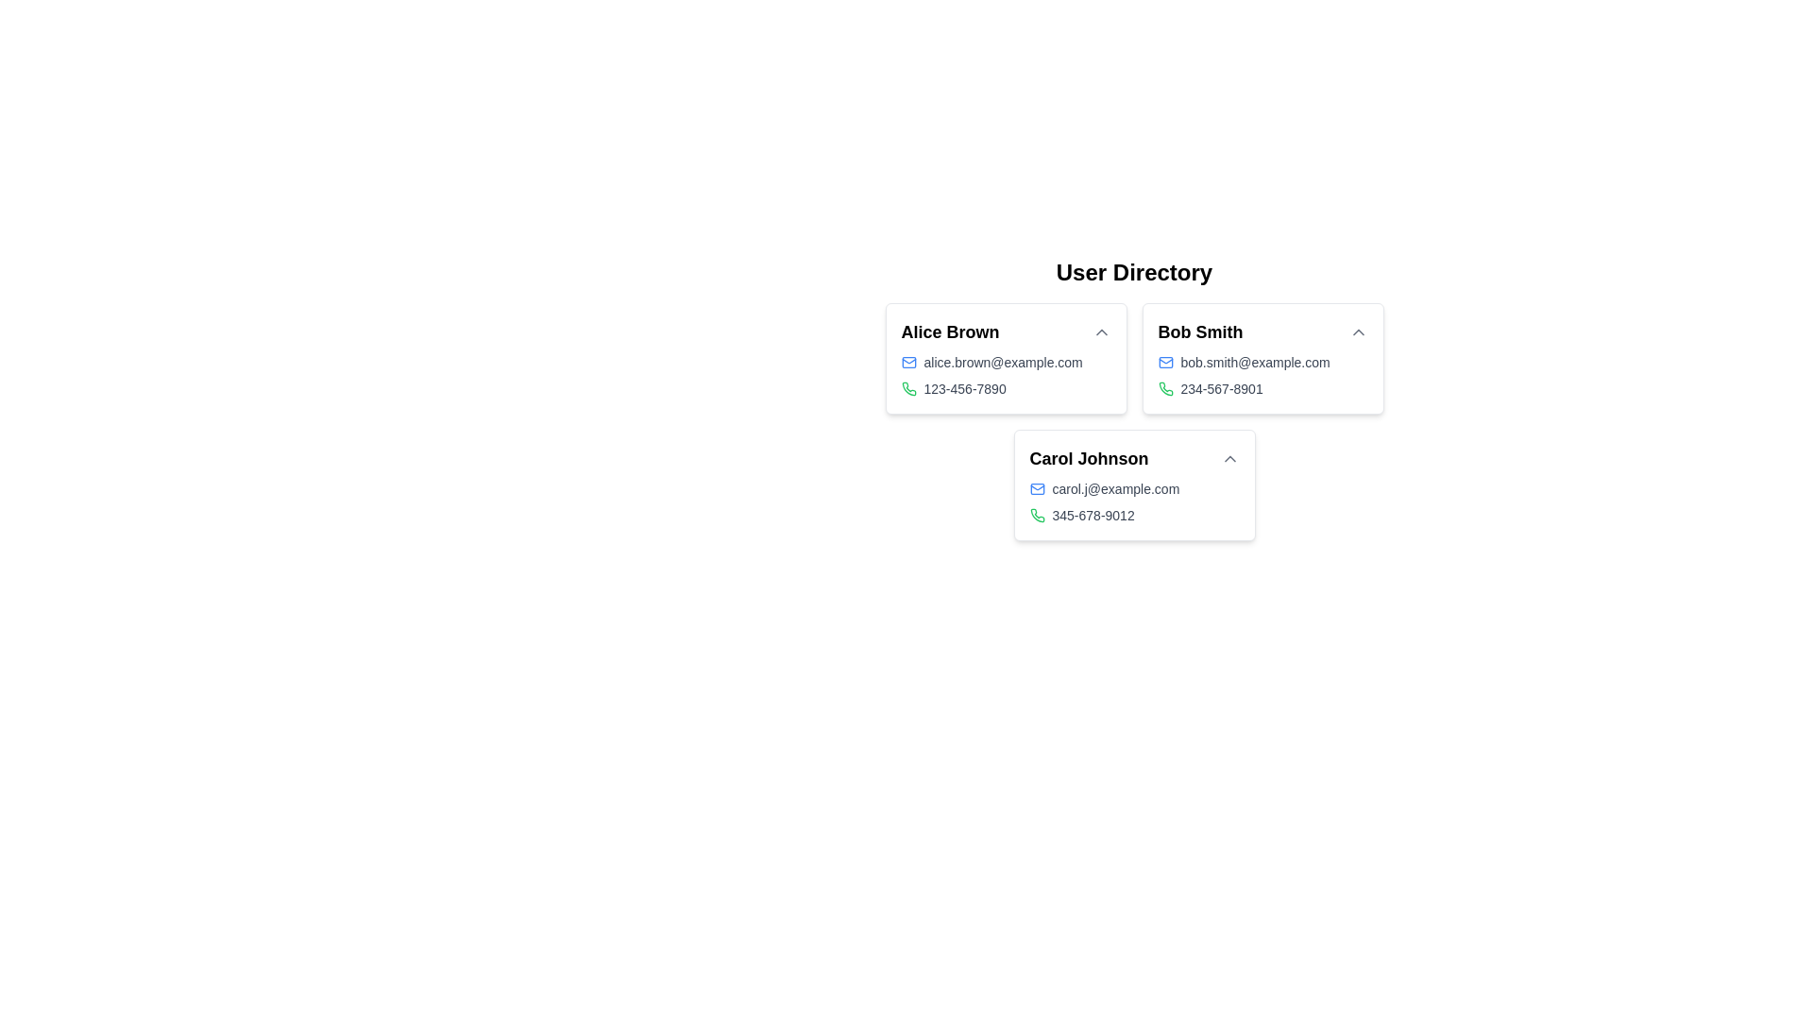 The image size is (1813, 1020). What do you see at coordinates (1133, 516) in the screenshot?
I see `the telephone number '345-678-9012' displayed plainly, which is located beneath 'carol.j@example.com' in the contact details section for 'Carol Johnson'` at bounding box center [1133, 516].